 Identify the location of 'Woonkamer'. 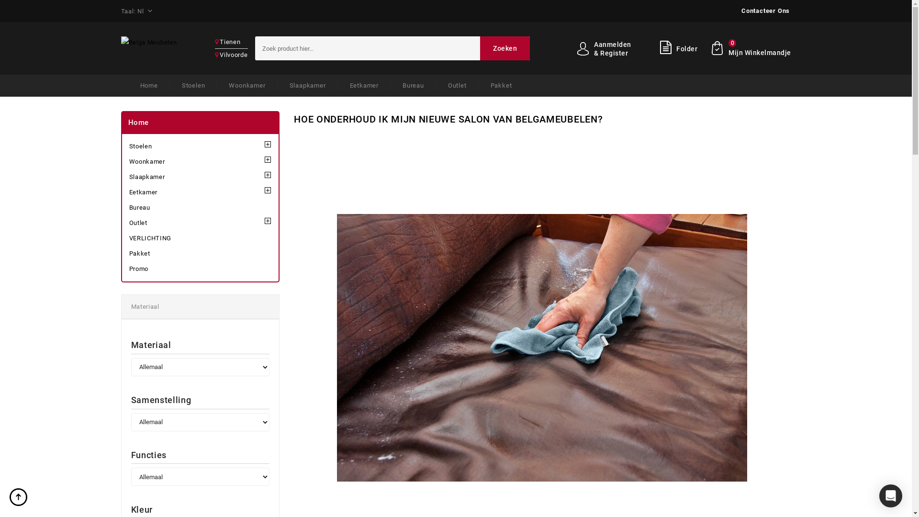
(200, 161).